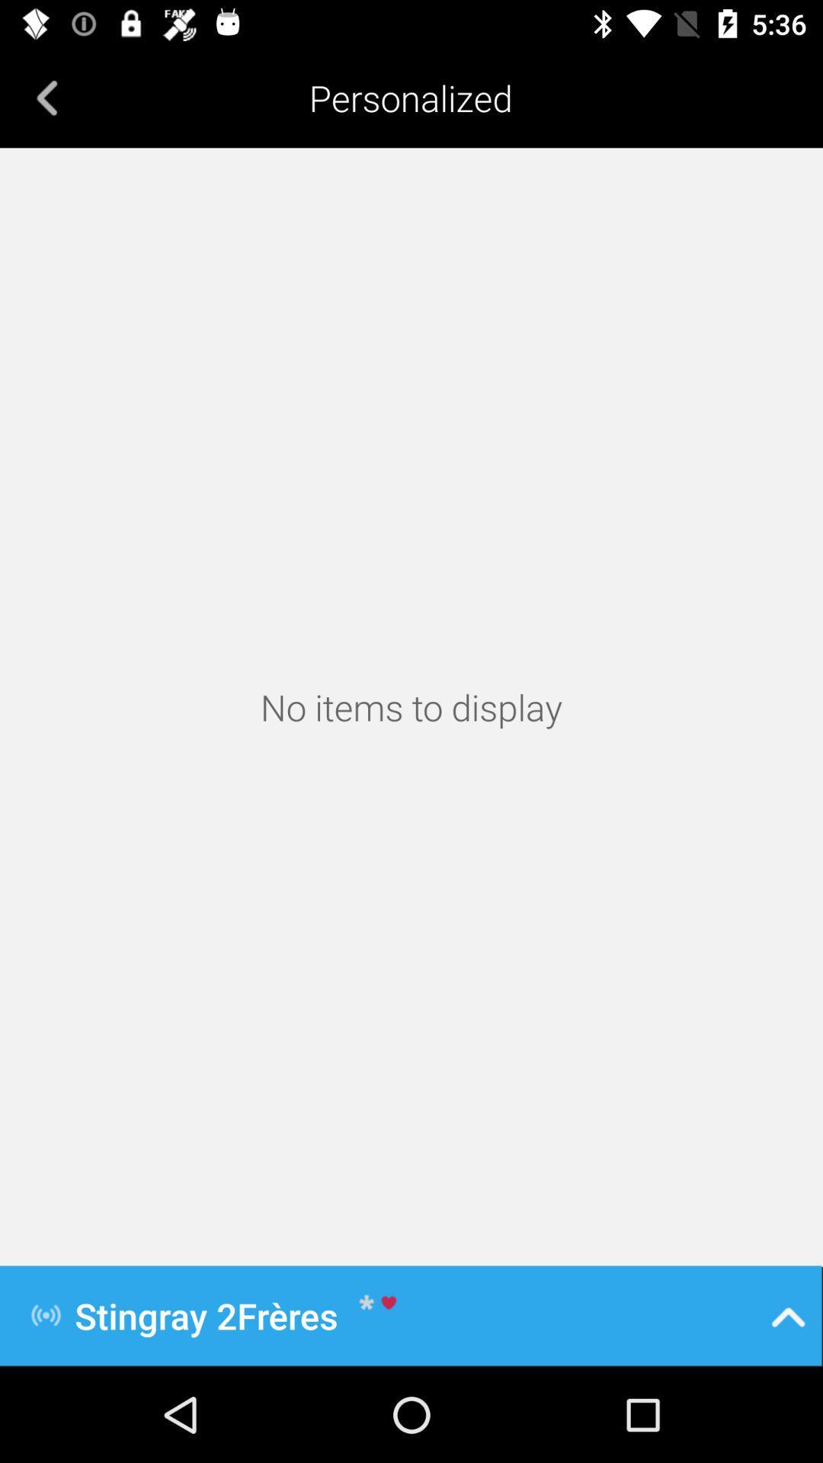 This screenshot has width=823, height=1463. Describe the element at coordinates (46, 97) in the screenshot. I see `the arrow_backward icon` at that location.